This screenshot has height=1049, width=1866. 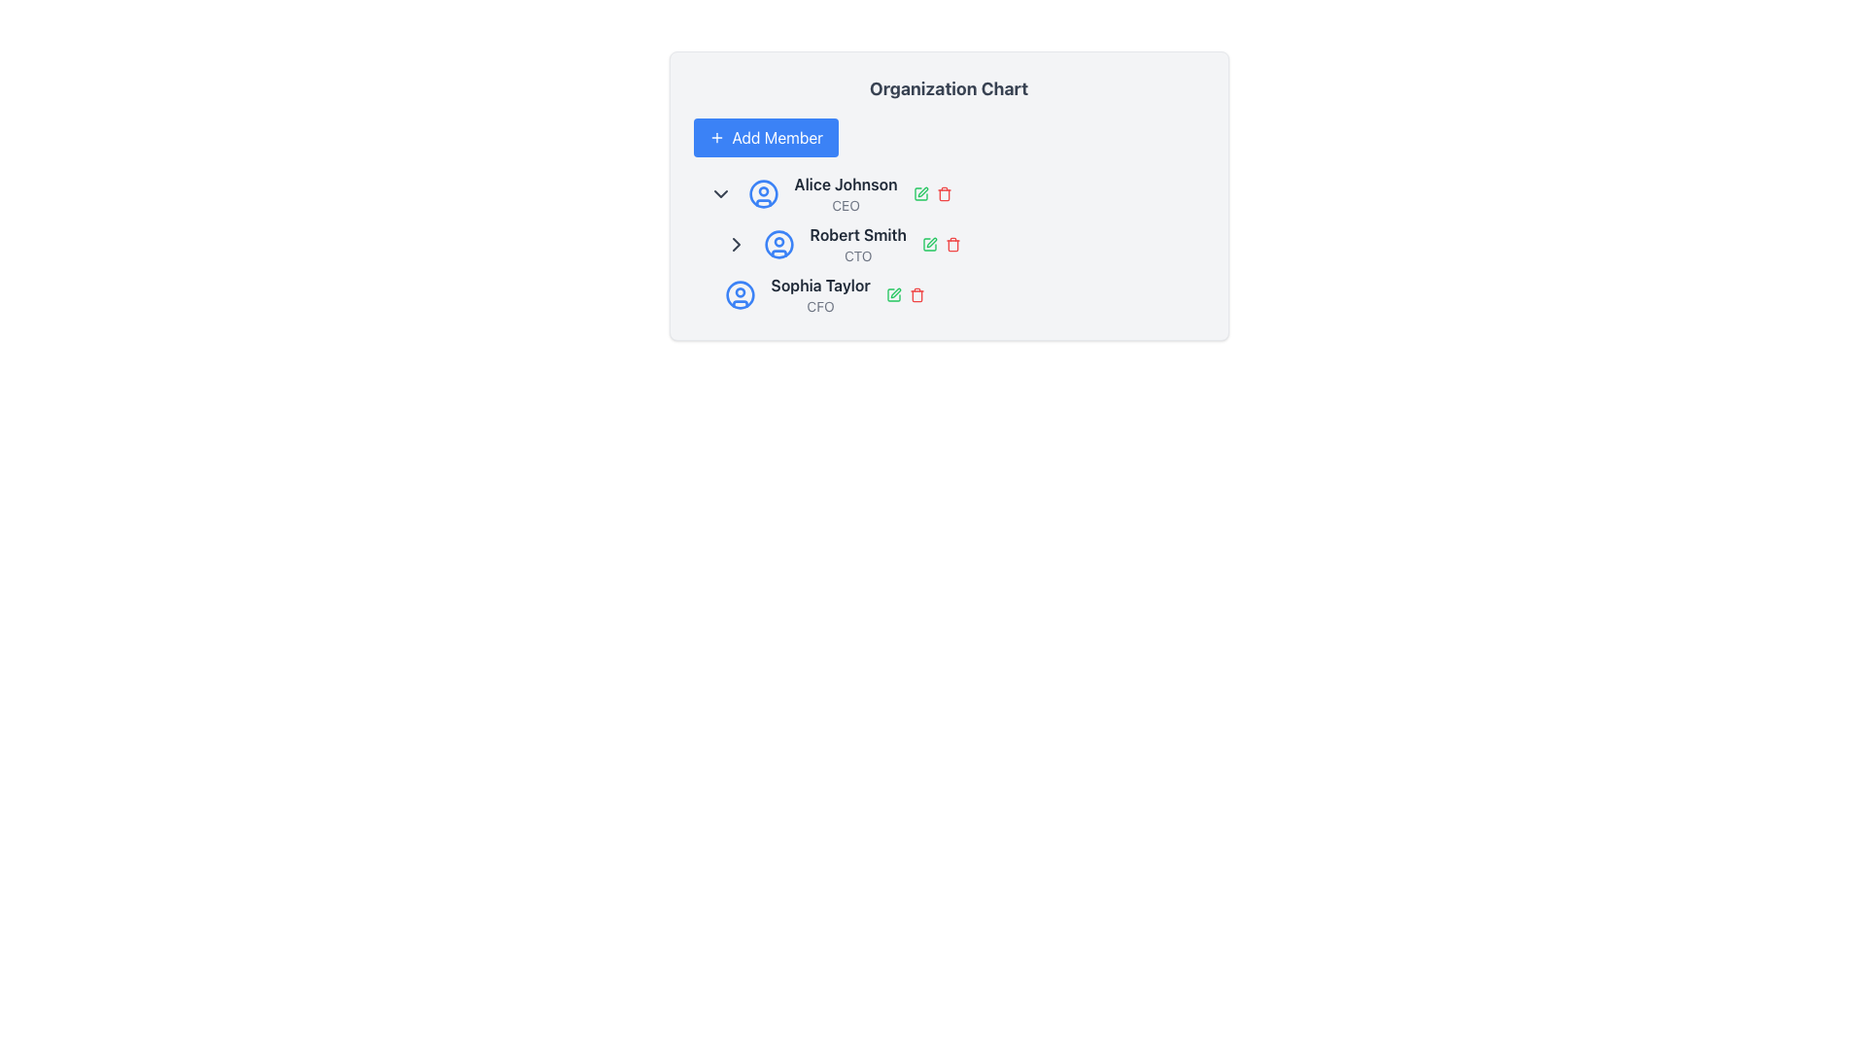 I want to click on the bold, large-sized gray header text displaying 'Organization Chart', which is positioned prominently at the top of the section above the 'Add Member' button, so click(x=949, y=89).